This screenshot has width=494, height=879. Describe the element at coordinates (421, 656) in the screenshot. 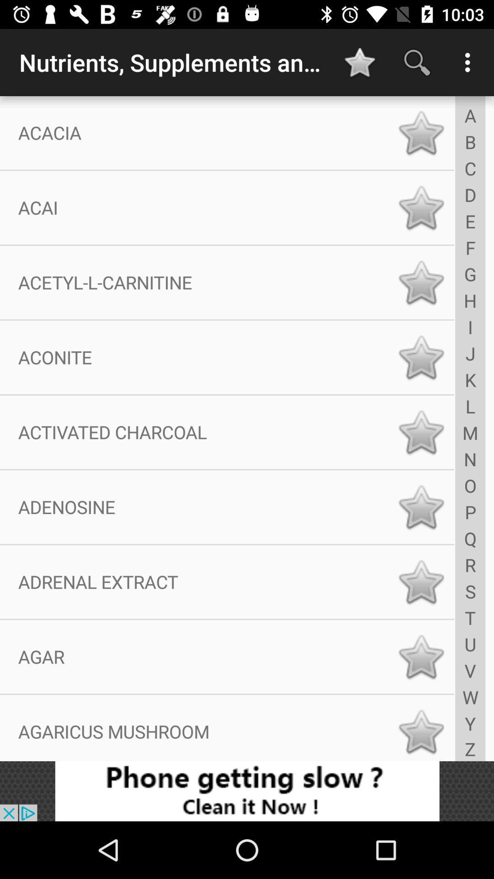

I see `highlight button` at that location.